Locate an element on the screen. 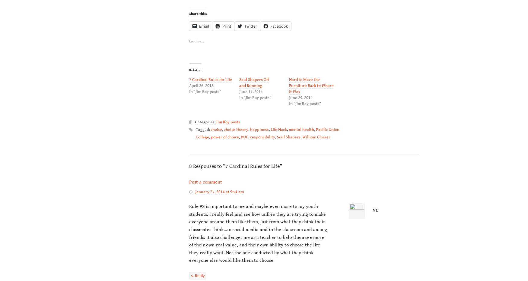 The width and height of the screenshot is (528, 281). 'power of choice' is located at coordinates (225, 137).